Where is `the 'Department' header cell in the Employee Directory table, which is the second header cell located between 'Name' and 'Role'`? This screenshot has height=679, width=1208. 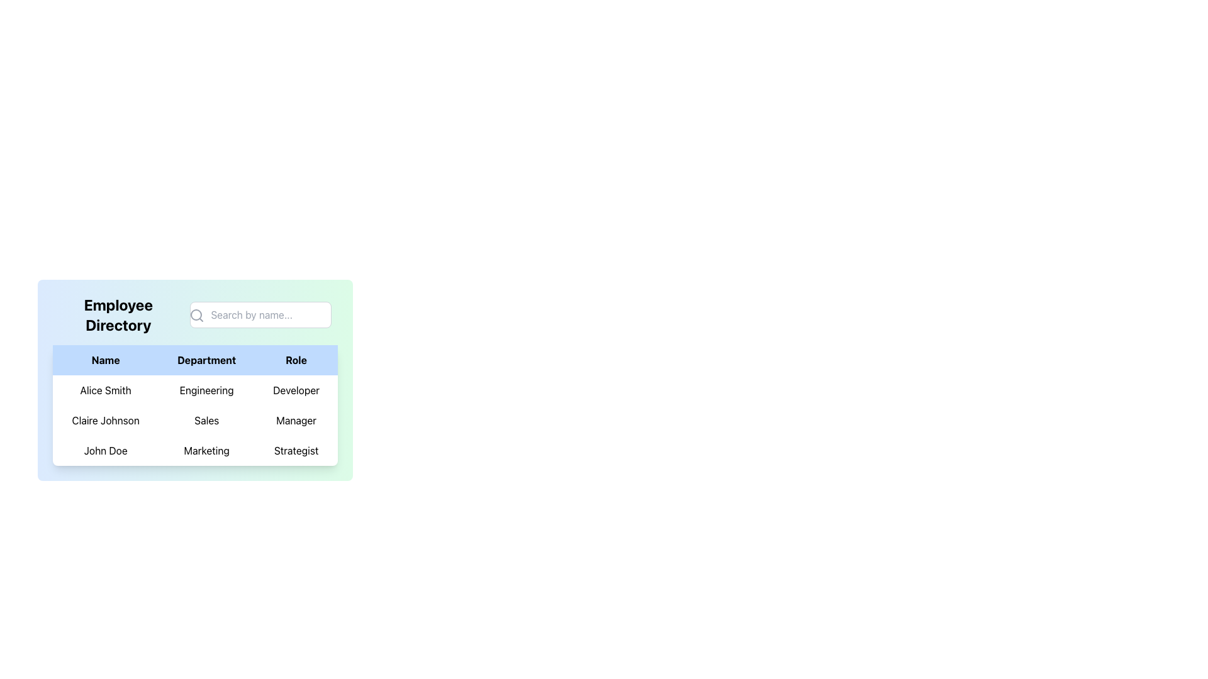 the 'Department' header cell in the Employee Directory table, which is the second header cell located between 'Name' and 'Role' is located at coordinates (206, 360).